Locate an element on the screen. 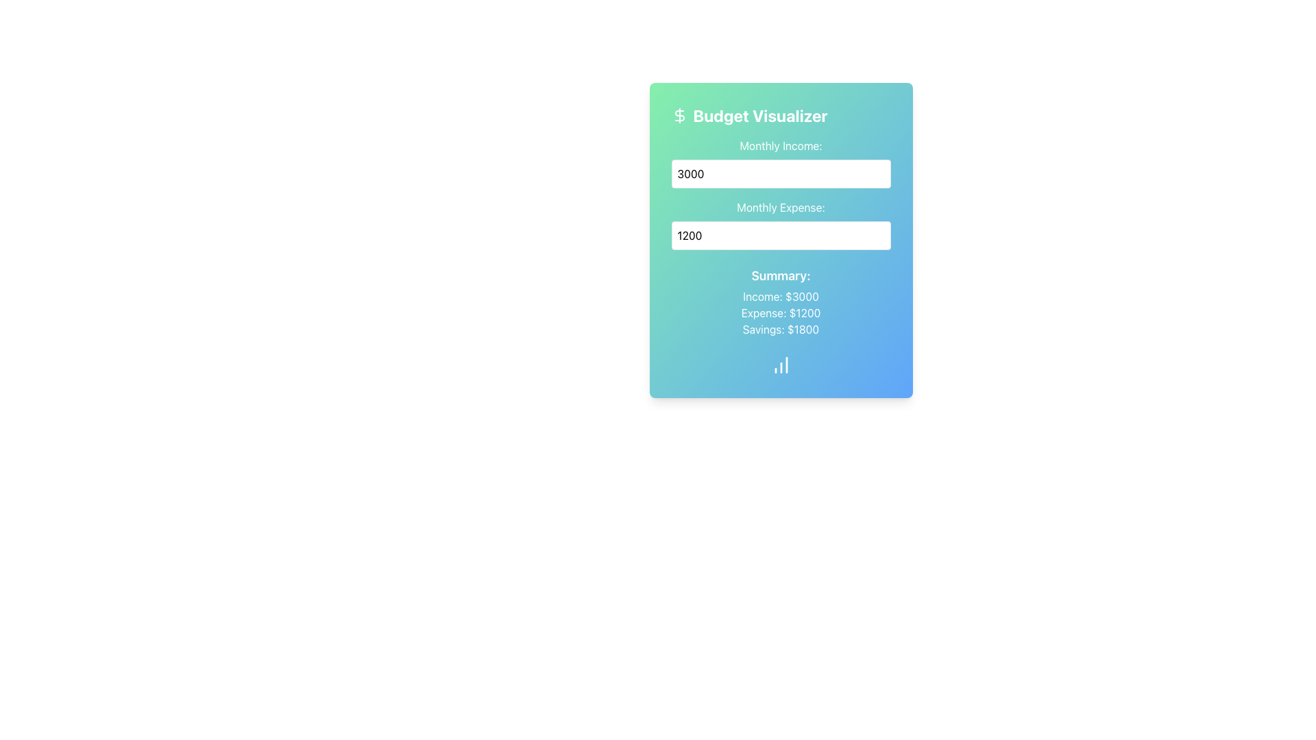 Image resolution: width=1316 pixels, height=740 pixels. the text displaying 'Savings: $1800', which is styled with a white sans-serif font and located in the summary section below 'Expense: $1200' is located at coordinates (781, 330).